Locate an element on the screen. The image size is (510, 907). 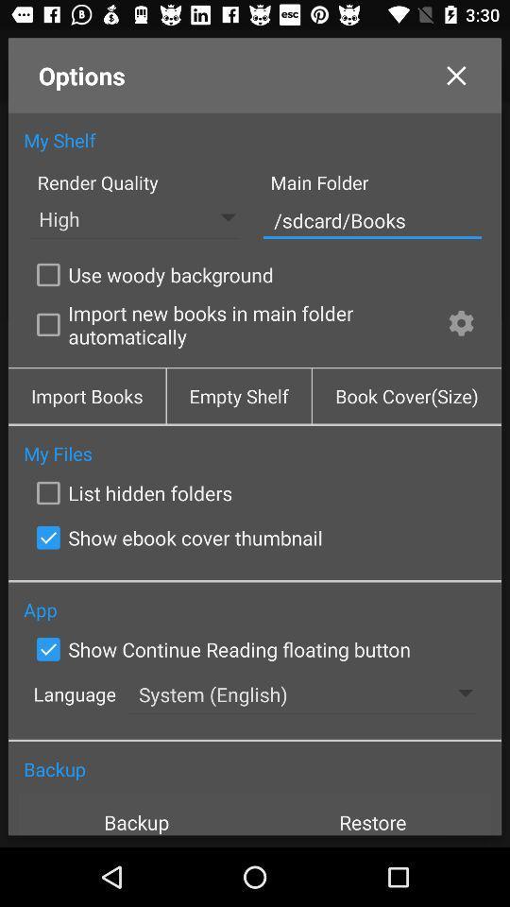
the checkbox next to import new books item is located at coordinates (460, 326).